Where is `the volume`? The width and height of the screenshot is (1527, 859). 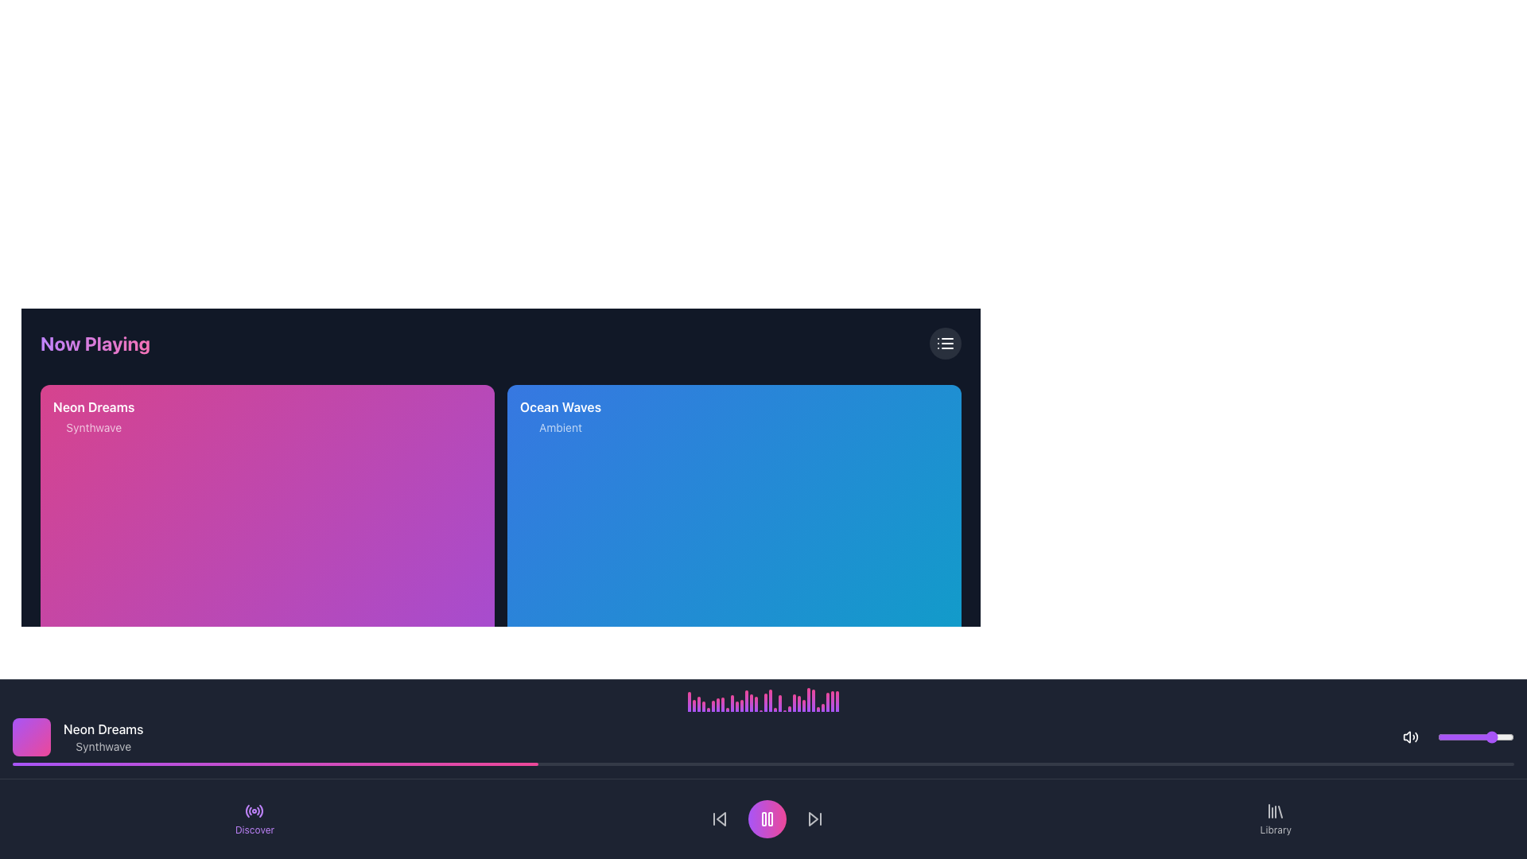 the volume is located at coordinates (1446, 737).